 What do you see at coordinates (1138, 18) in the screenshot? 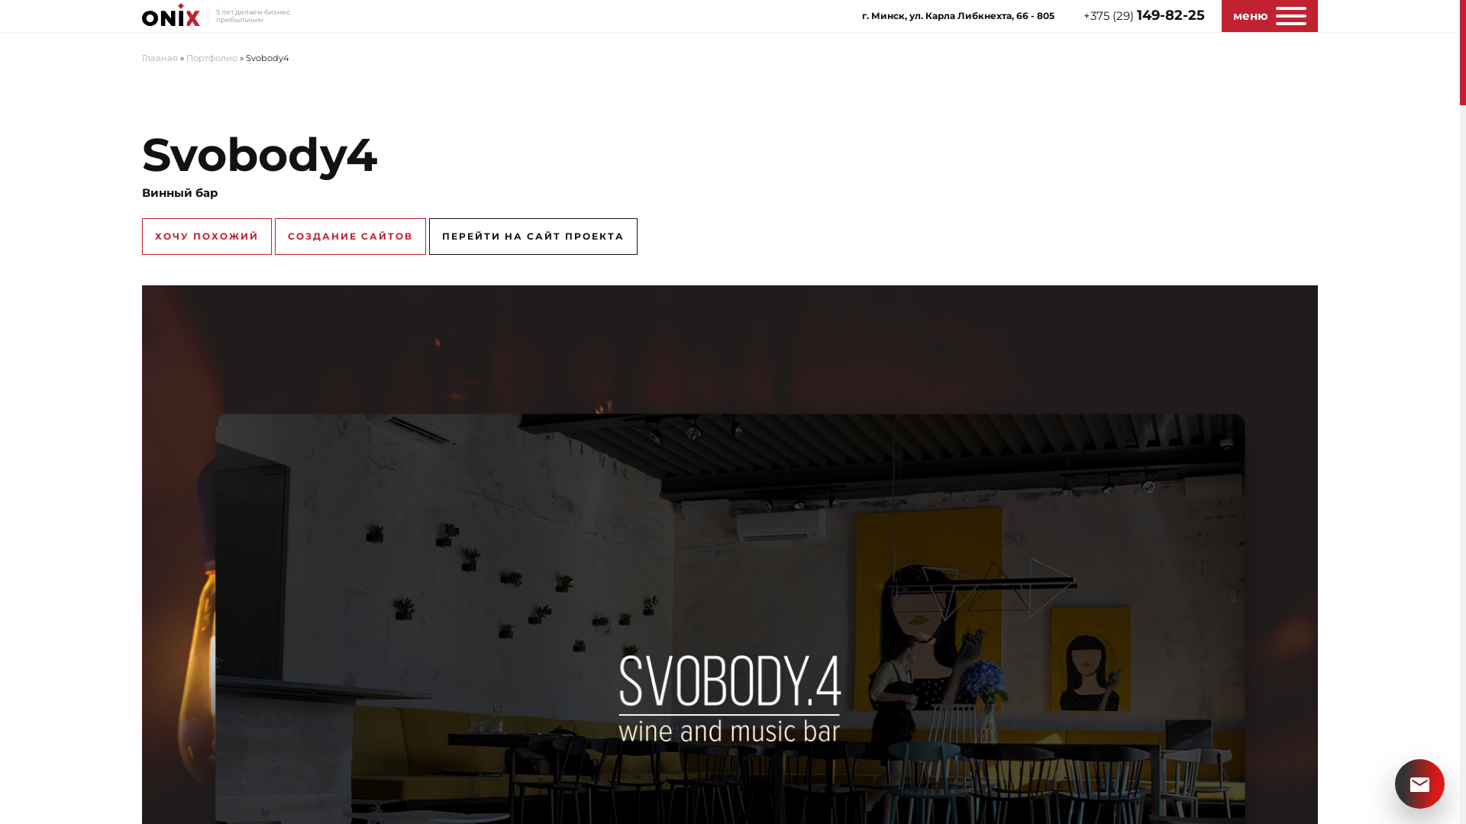
I see `'+375 (29) 149-82-25'` at bounding box center [1138, 18].